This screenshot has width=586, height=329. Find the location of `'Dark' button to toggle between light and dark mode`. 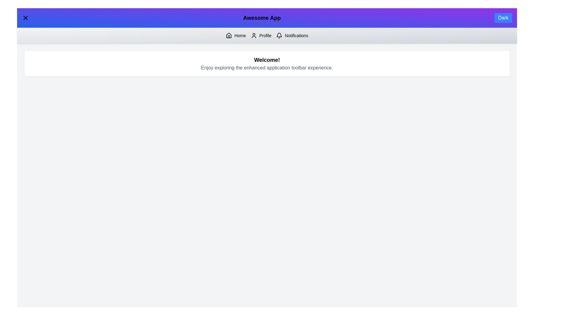

'Dark' button to toggle between light and dark mode is located at coordinates (503, 17).